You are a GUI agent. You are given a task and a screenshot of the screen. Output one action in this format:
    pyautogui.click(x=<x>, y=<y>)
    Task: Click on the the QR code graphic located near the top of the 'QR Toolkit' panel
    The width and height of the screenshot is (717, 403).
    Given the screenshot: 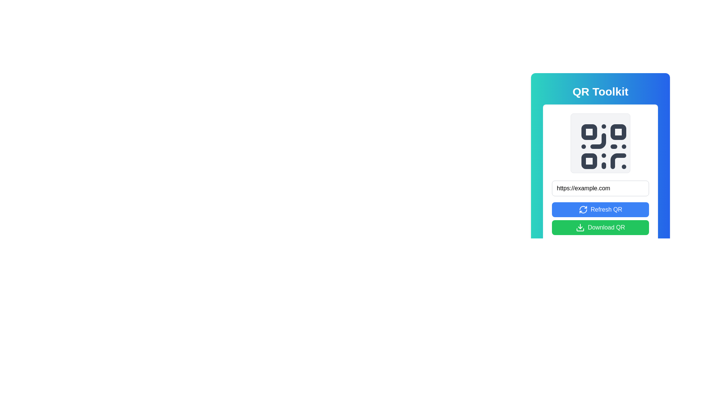 What is the action you would take?
    pyautogui.click(x=600, y=143)
    